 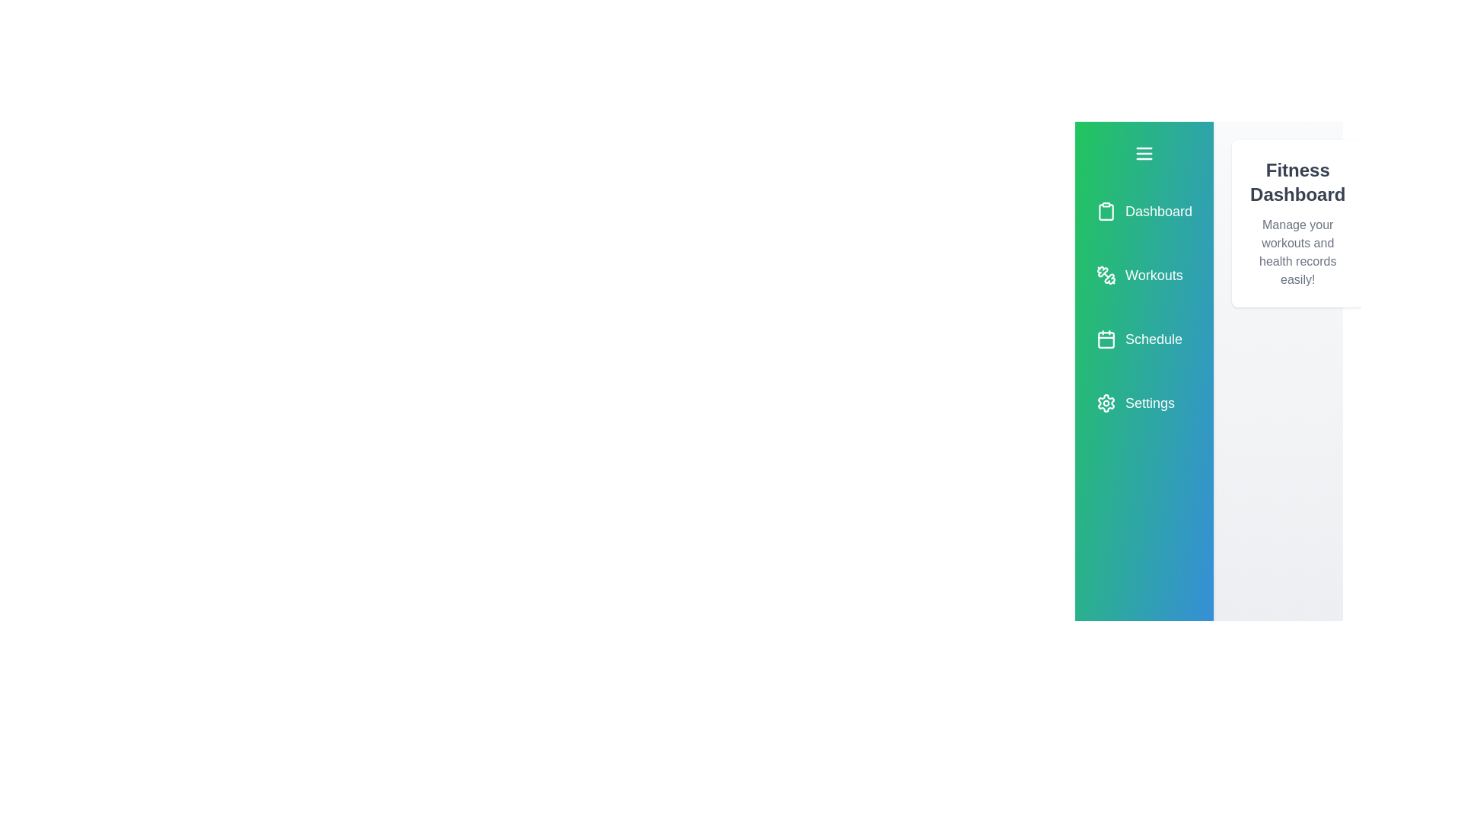 I want to click on the menu item 'Settings' to trigger the hover effect, so click(x=1144, y=402).